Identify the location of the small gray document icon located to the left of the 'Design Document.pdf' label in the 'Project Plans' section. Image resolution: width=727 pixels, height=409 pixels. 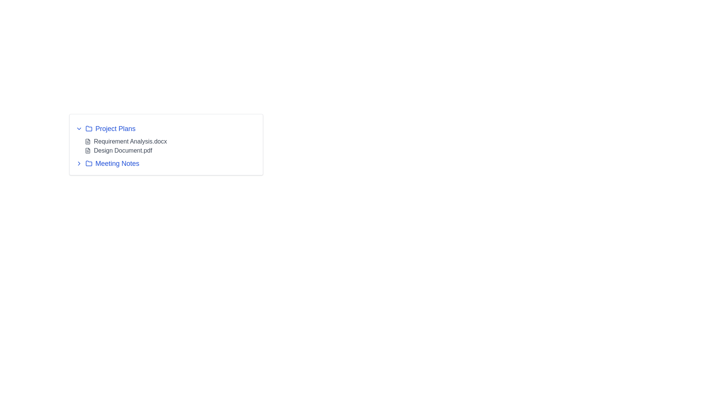
(87, 150).